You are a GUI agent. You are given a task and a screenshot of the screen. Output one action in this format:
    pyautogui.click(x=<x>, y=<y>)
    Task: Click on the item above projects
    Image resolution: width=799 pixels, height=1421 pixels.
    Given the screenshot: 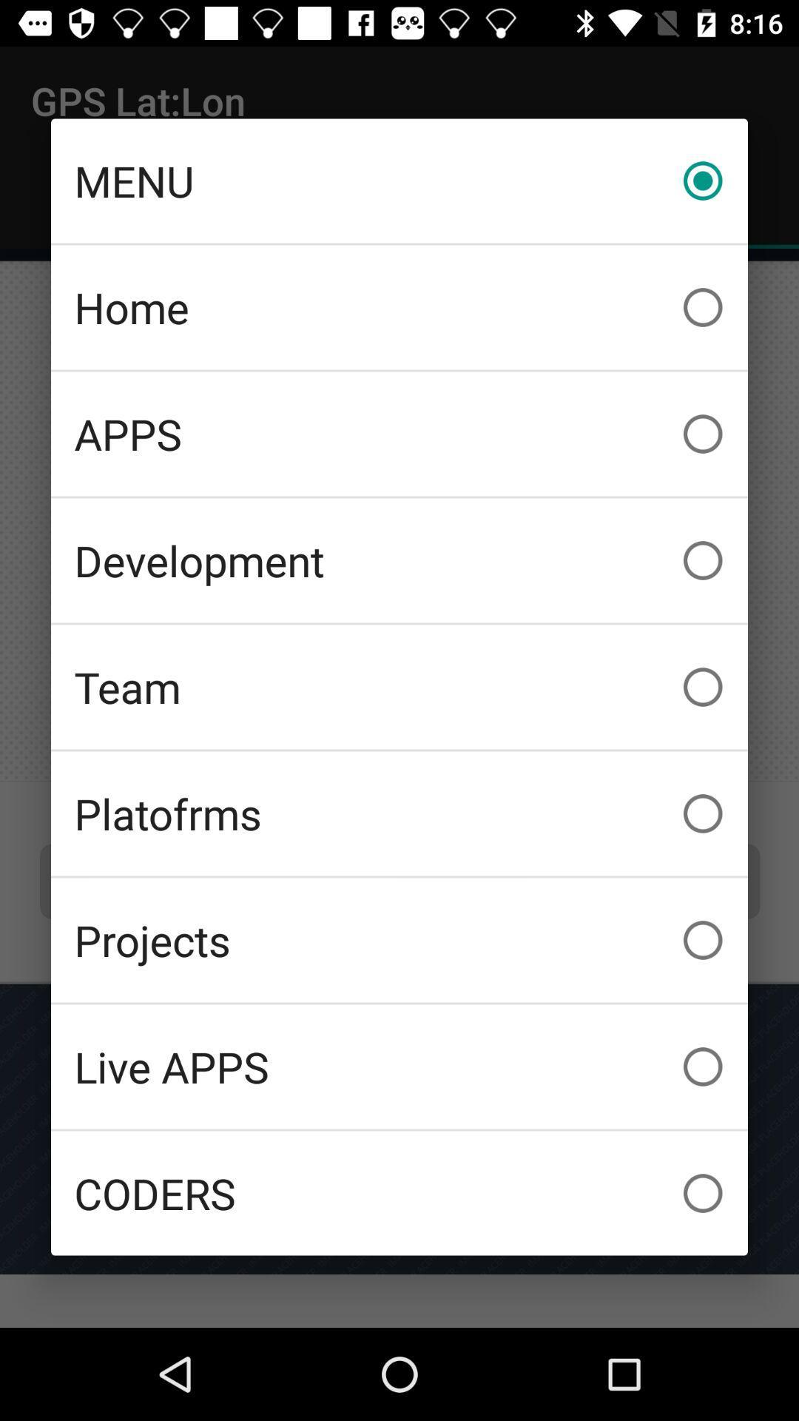 What is the action you would take?
    pyautogui.click(x=399, y=813)
    